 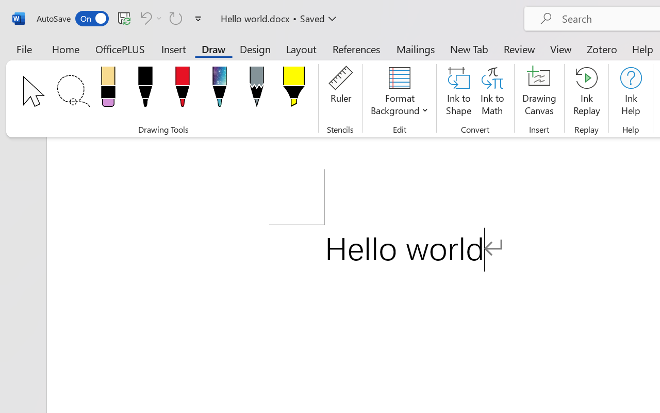 I want to click on 'Pen: Red, 0.5 mm', so click(x=182, y=89).